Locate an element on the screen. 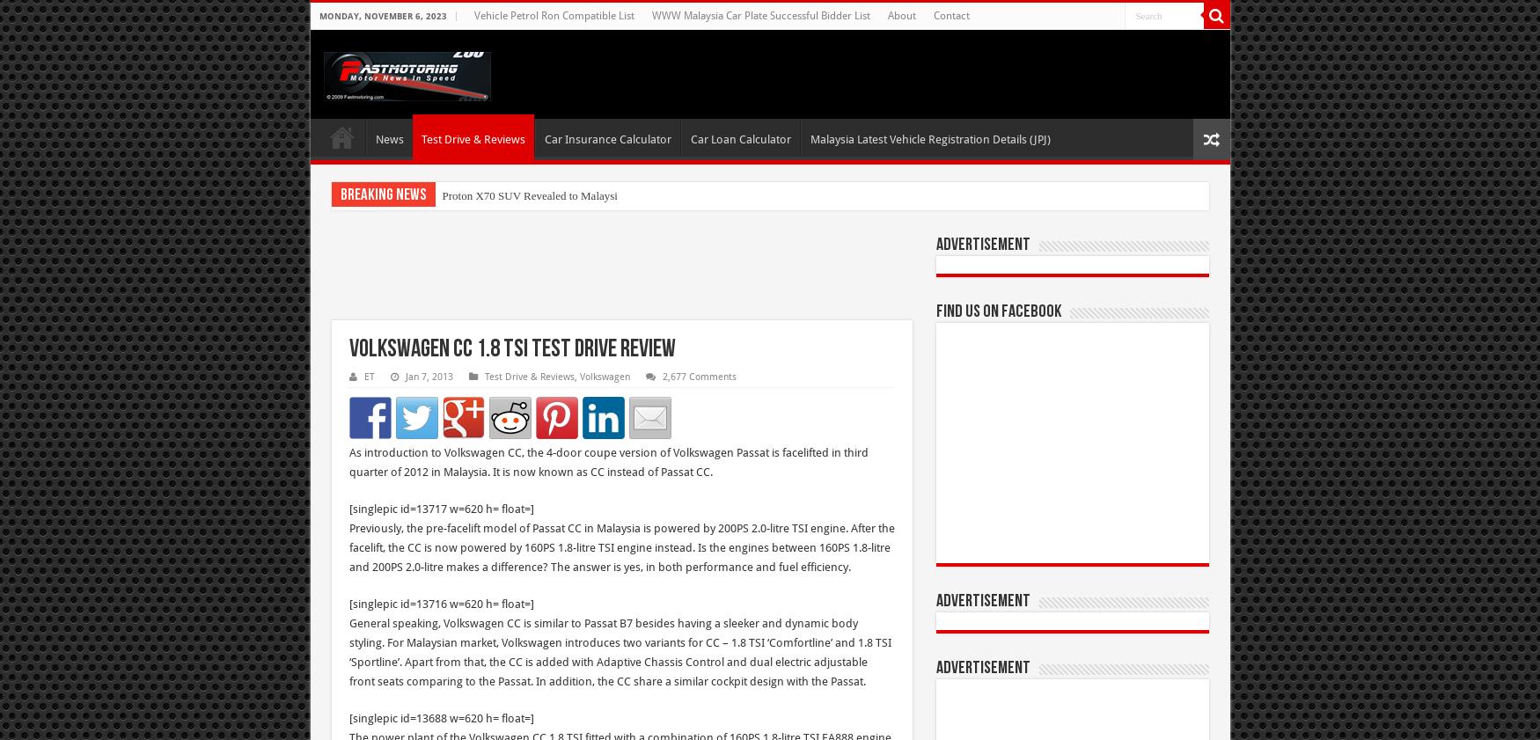 The height and width of the screenshot is (740, 1540). 'General speaking, Volkswagen CC is similar to Passat B7 besides having a sleeker and dynamic body styling. For Malaysian market, Volkswagen introduces two variants for CC – 1.8 TSI ‘Comfortline’ and 1.8 TSI ‘Sportline’. Apart from that, the CC is added with Adaptive Chassis Control and dual electric adjustable front seats comparing to the Passat. In addition, the CC share a similar cockpit design with the Passat.' is located at coordinates (620, 652).